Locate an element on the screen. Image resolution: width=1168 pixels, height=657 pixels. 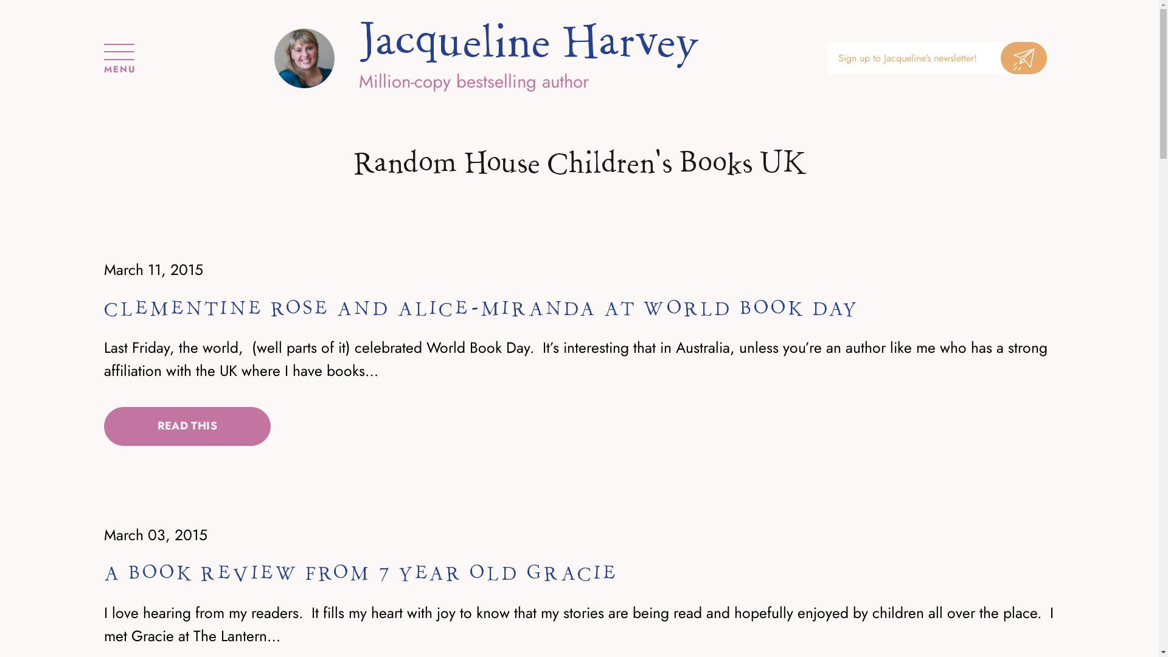
'Jacqueline Harvey' is located at coordinates (529, 41).